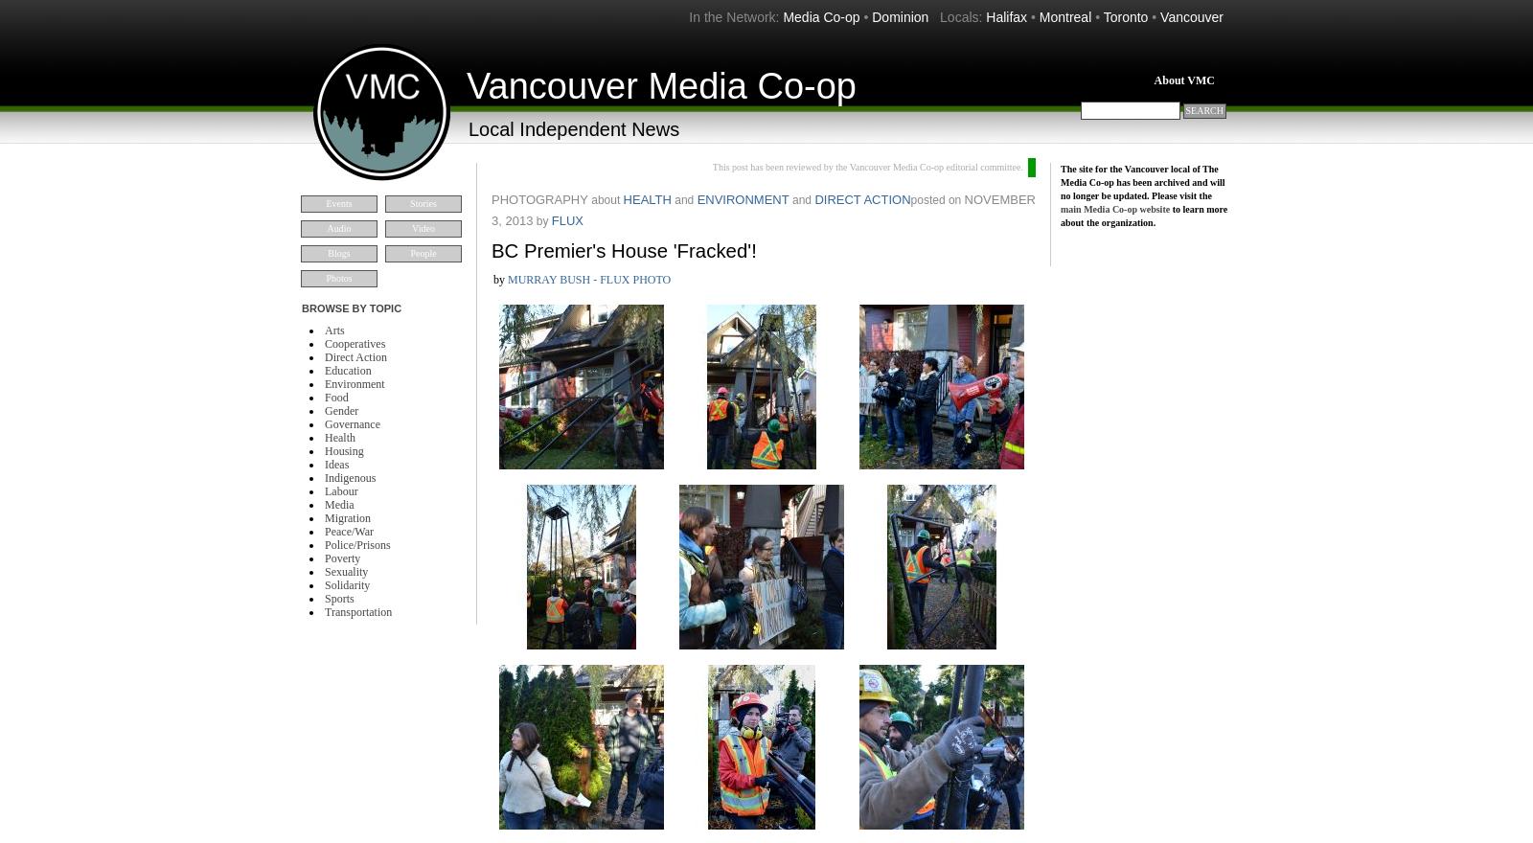 The width and height of the screenshot is (1533, 843). I want to click on 'Cooperatives', so click(355, 344).